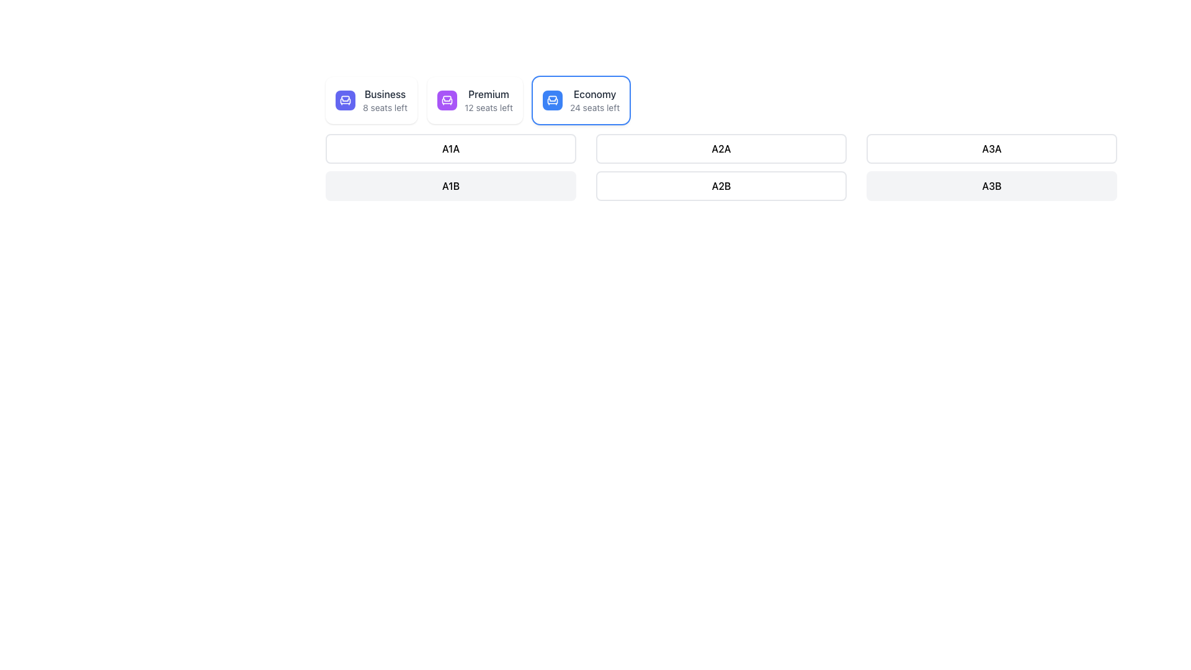 Image resolution: width=1191 pixels, height=670 pixels. Describe the element at coordinates (384, 107) in the screenshot. I see `the static text label providing information about the availability of seats in the 'Business' category, located directly beneath the 'Business' label` at that location.